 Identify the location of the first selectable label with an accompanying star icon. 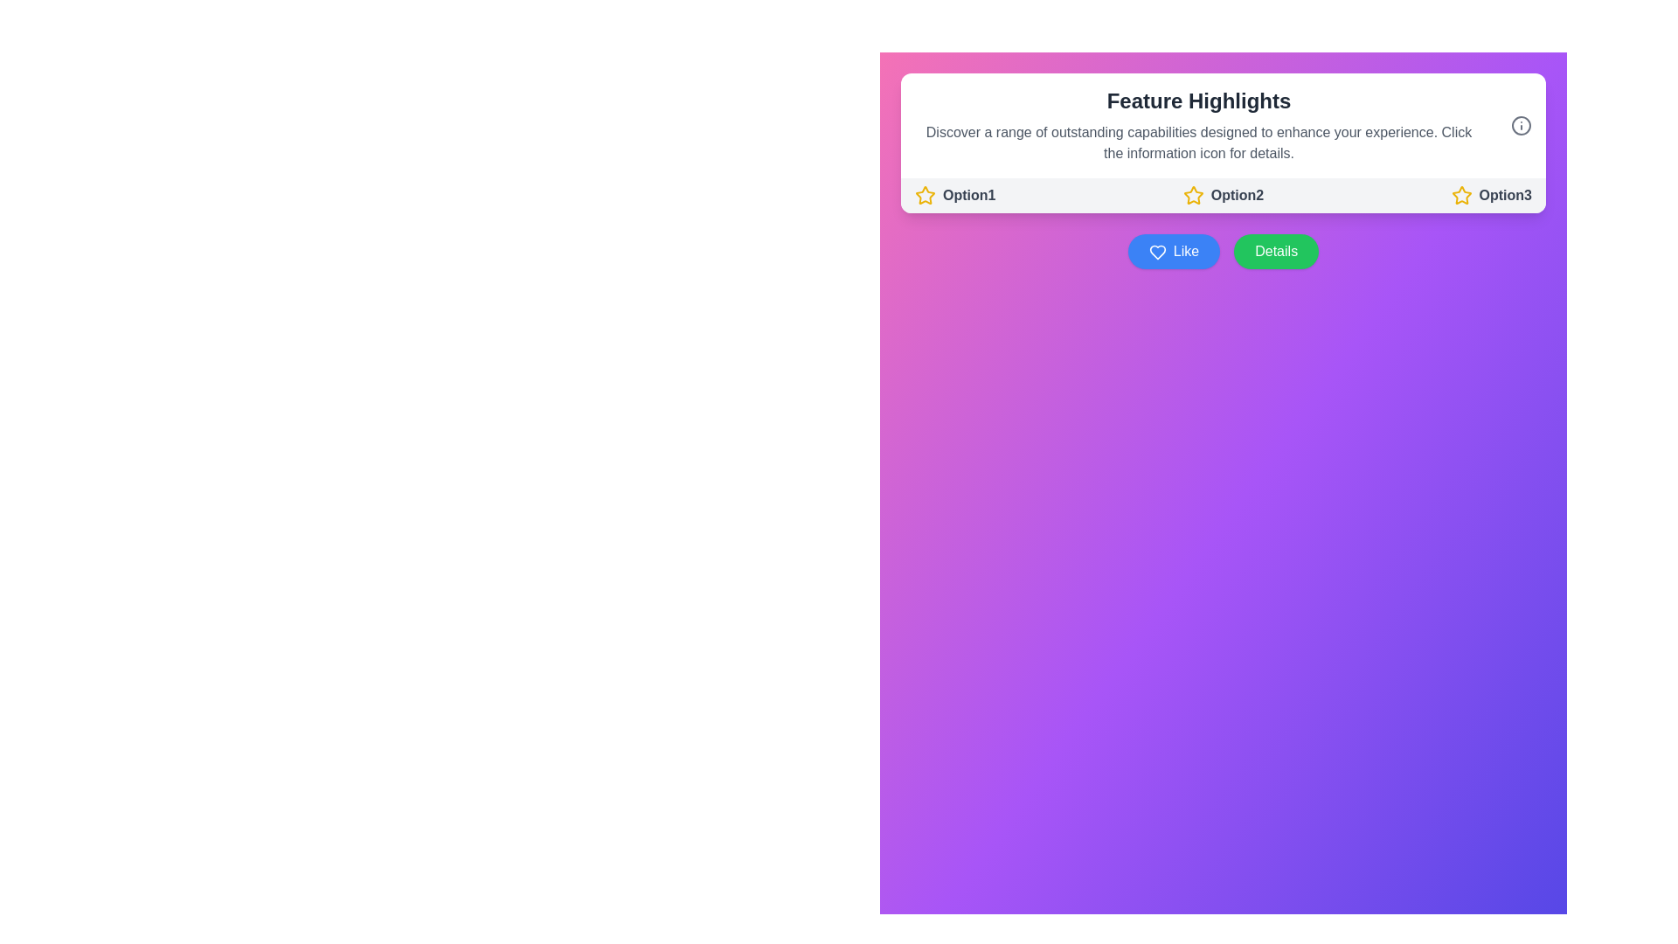
(954, 195).